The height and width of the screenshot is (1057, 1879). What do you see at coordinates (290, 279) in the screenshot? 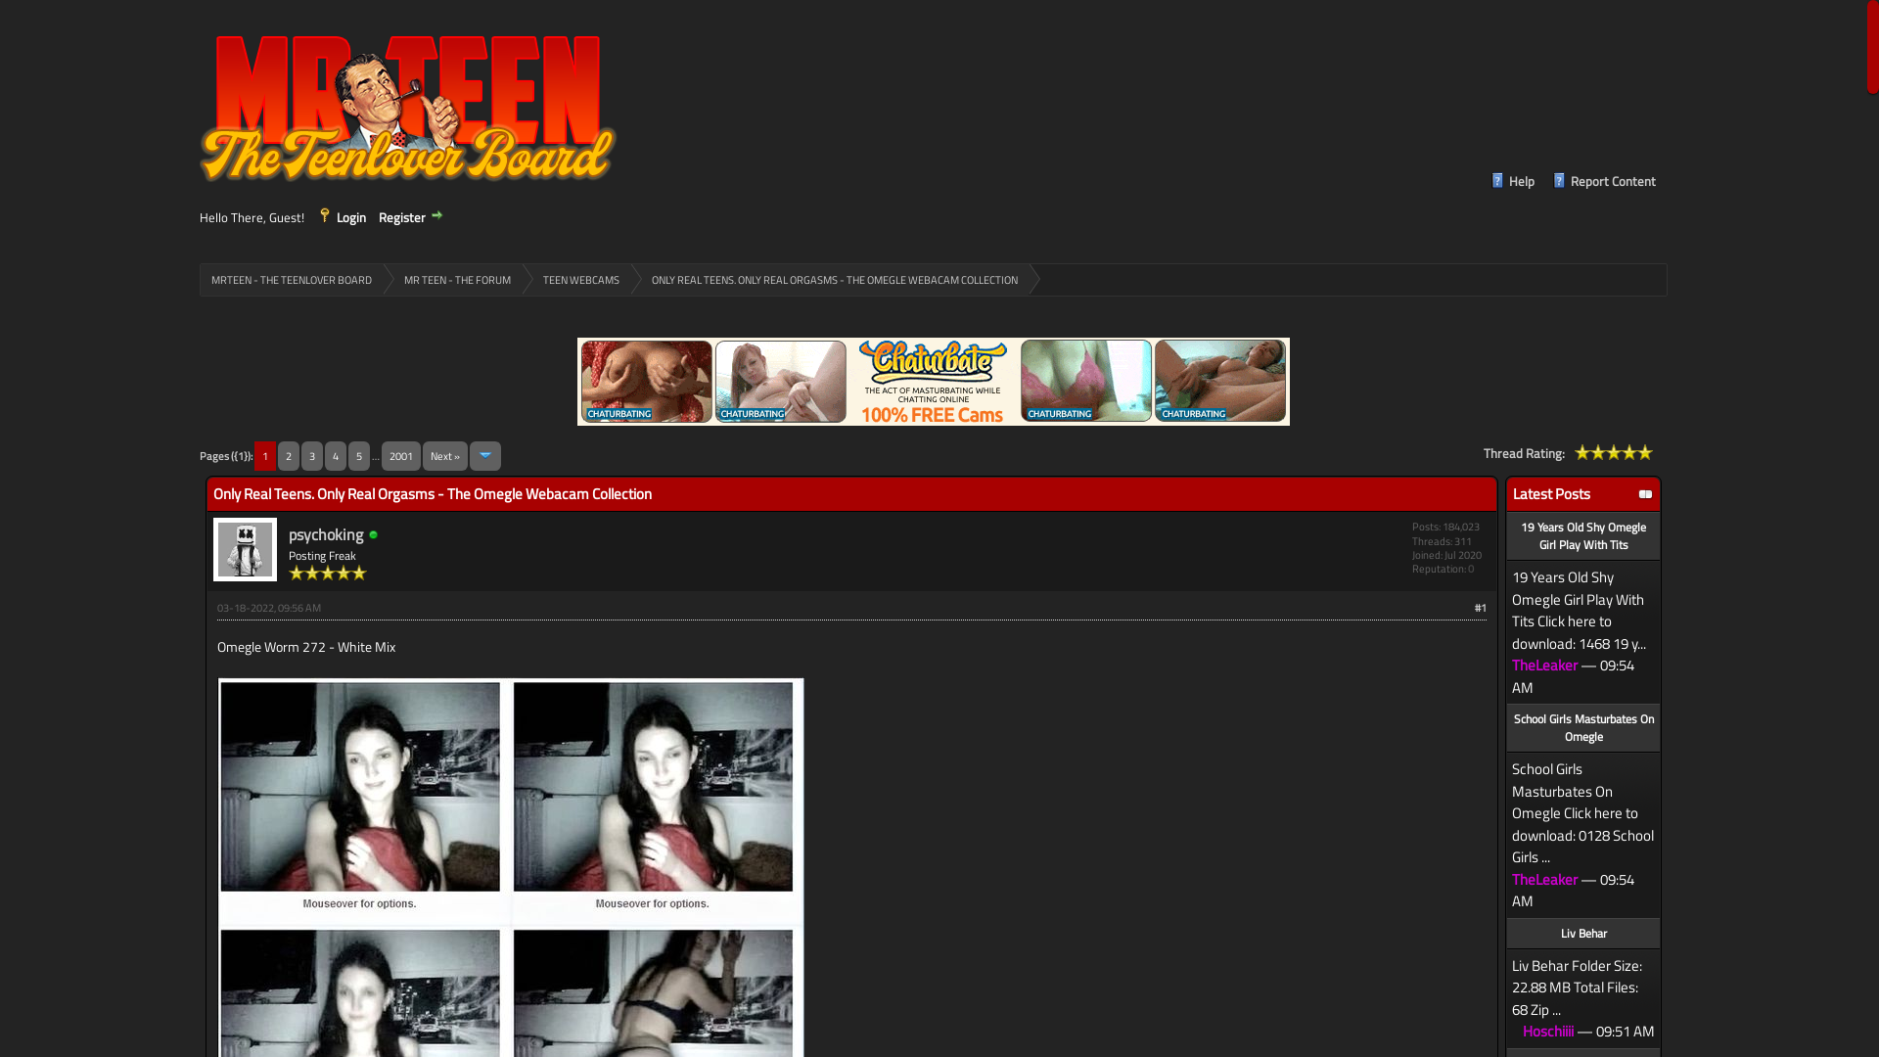
I see `'MRTEEN - THE TEENLOVER BOARD'` at bounding box center [290, 279].